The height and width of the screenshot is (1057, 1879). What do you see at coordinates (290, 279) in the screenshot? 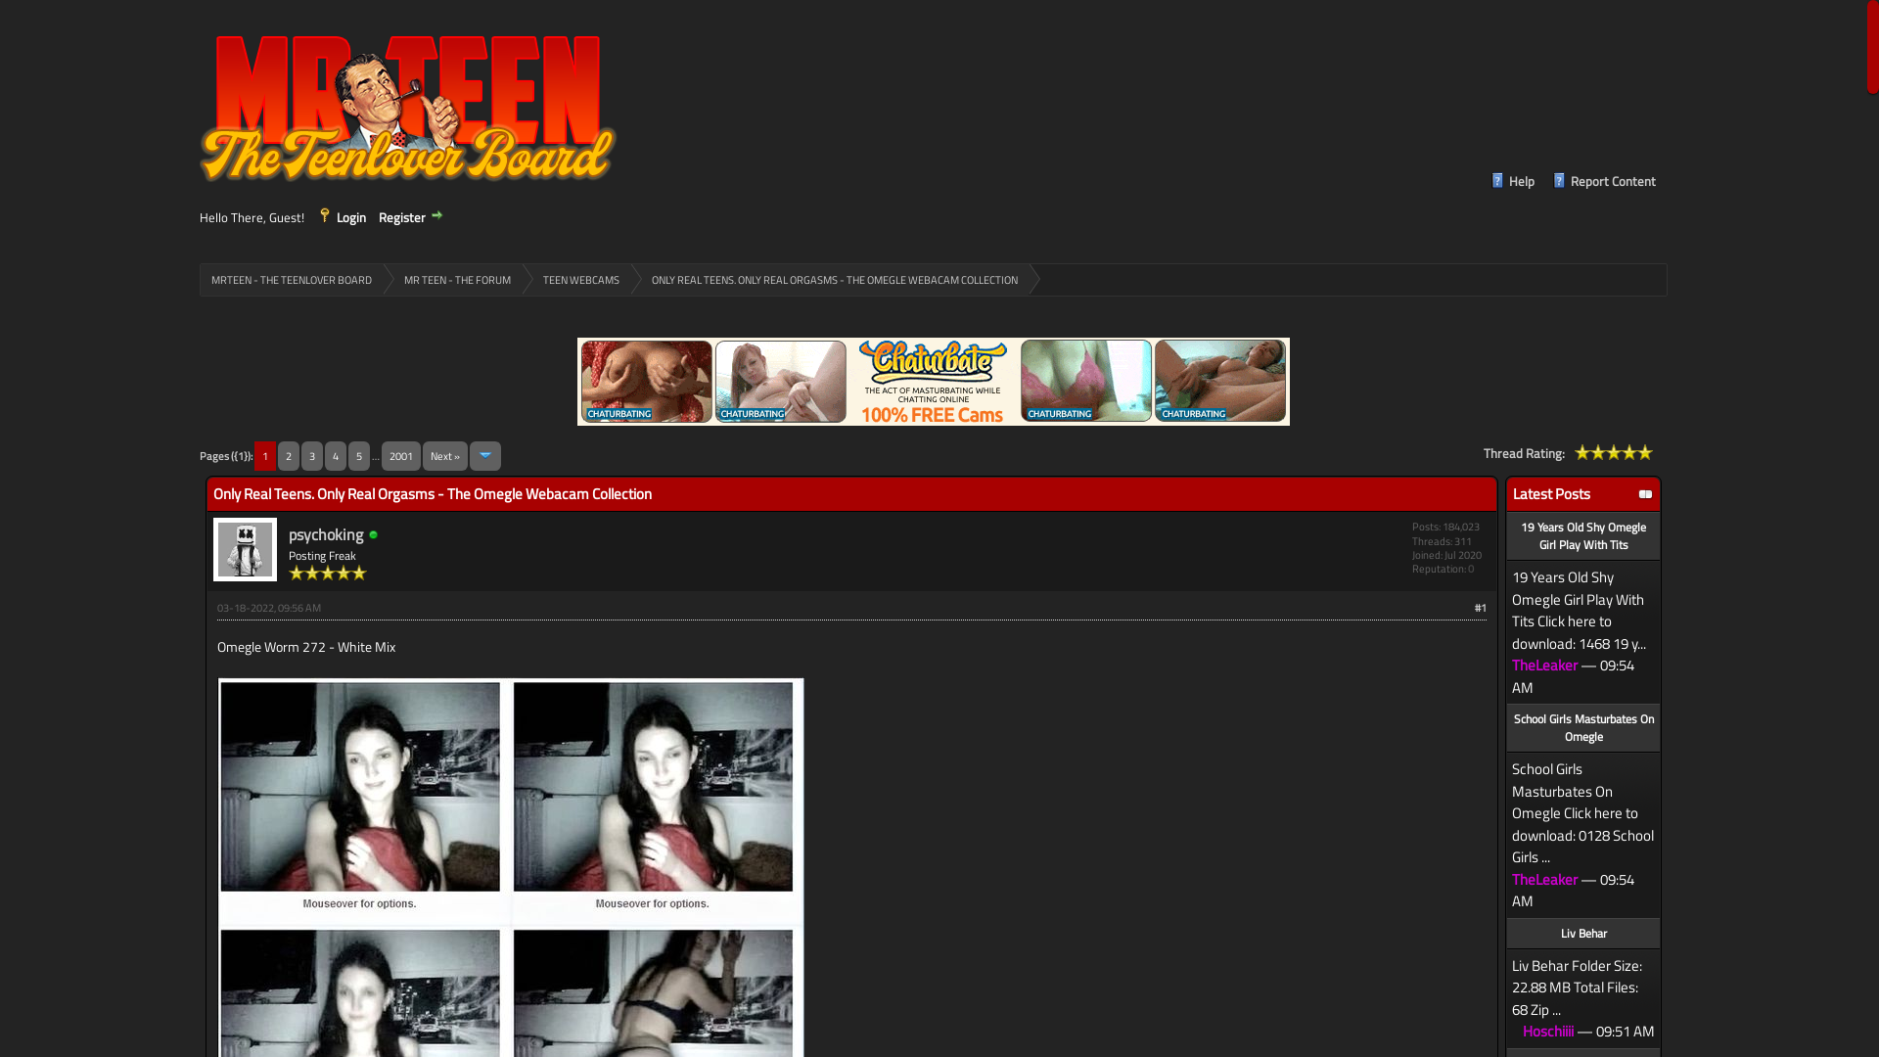
I see `'MRTEEN - THE TEENLOVER BOARD'` at bounding box center [290, 279].